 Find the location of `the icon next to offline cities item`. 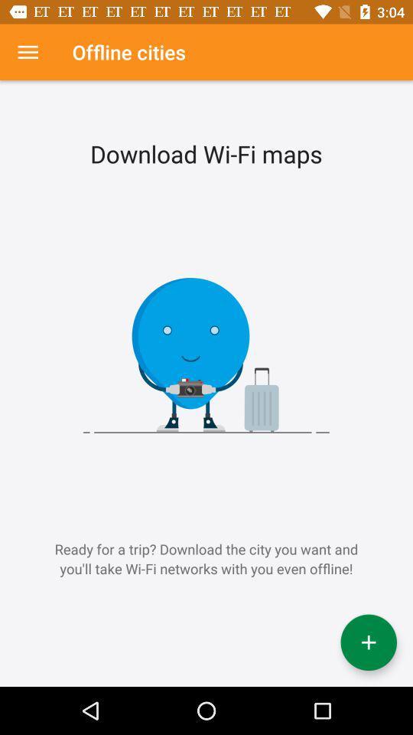

the icon next to offline cities item is located at coordinates (28, 52).